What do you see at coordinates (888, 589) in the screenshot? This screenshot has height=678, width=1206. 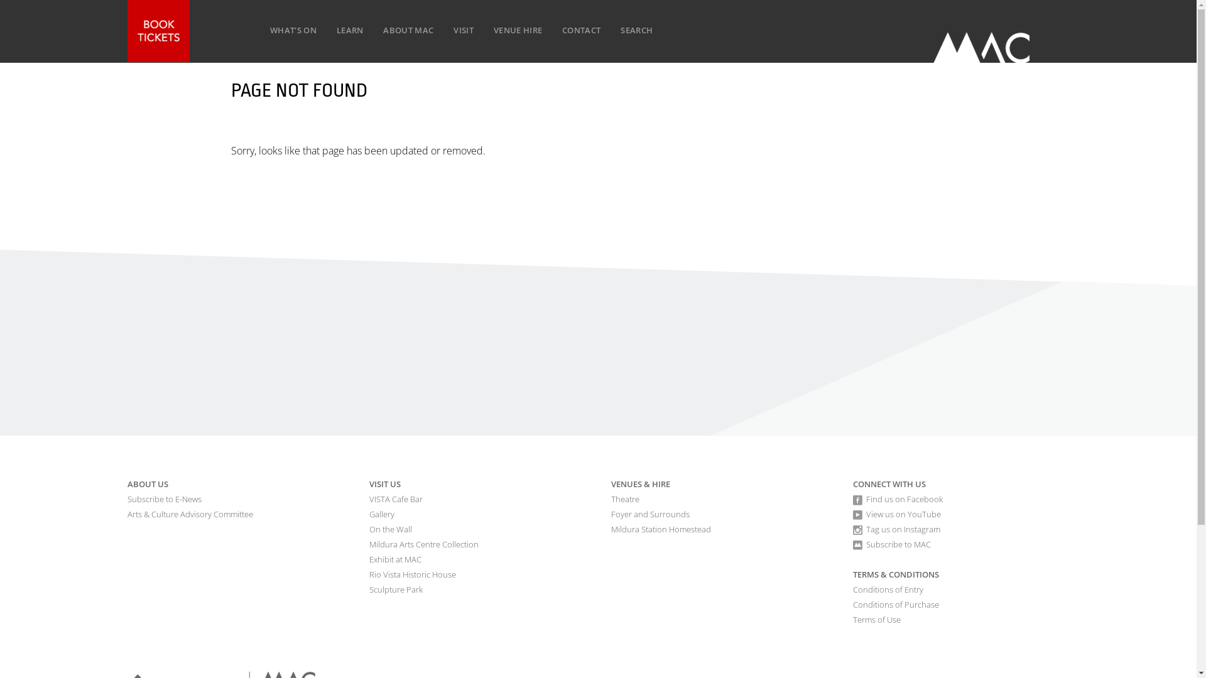 I see `'Conditions of Entry'` at bounding box center [888, 589].